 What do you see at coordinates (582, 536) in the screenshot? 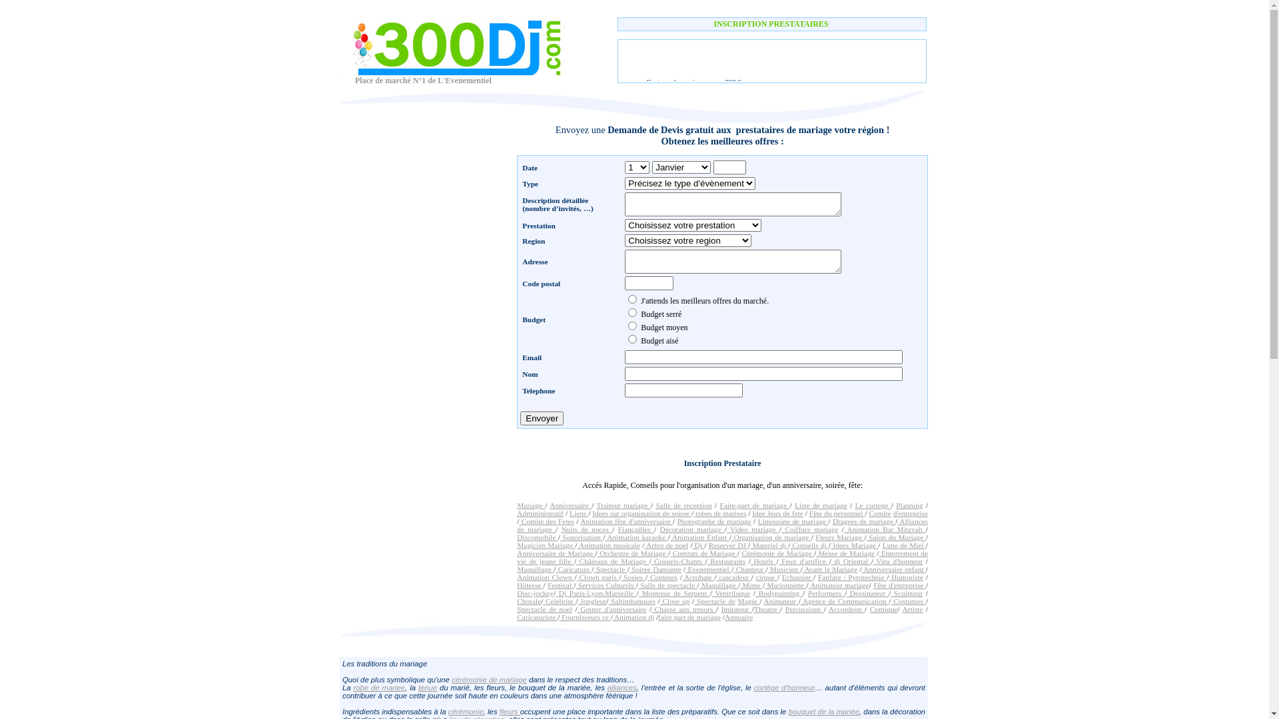
I see `'Sonorisation'` at bounding box center [582, 536].